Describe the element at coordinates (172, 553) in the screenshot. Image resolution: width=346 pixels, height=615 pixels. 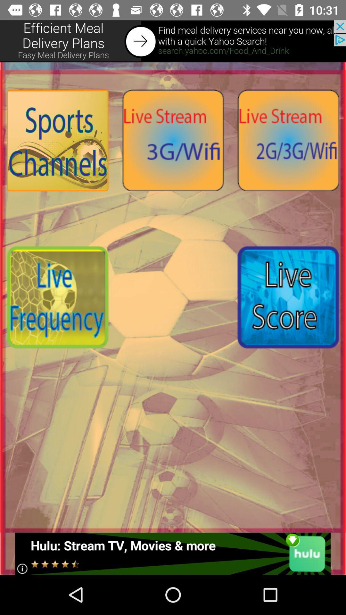
I see `hulu website` at that location.